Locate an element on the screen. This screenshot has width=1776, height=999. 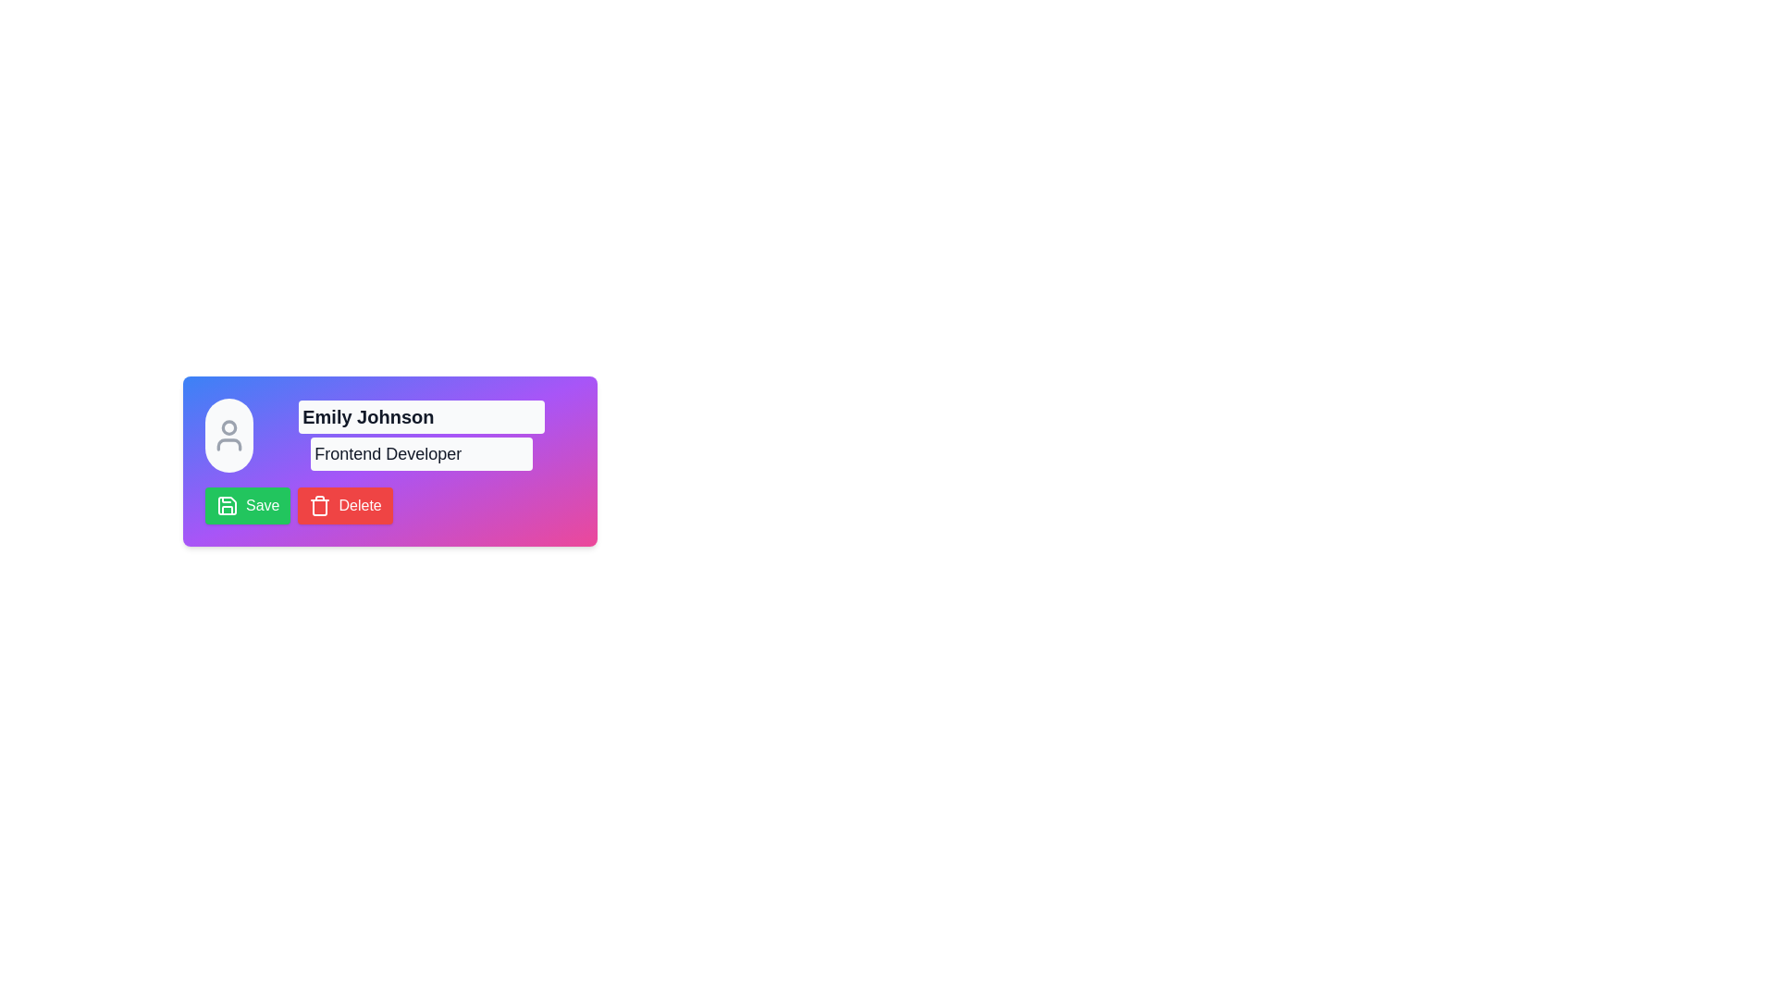
the trash can icon located to the left of the 'Delete' text within the red rectangular button at the bottom-right of the card interface is located at coordinates (320, 506).